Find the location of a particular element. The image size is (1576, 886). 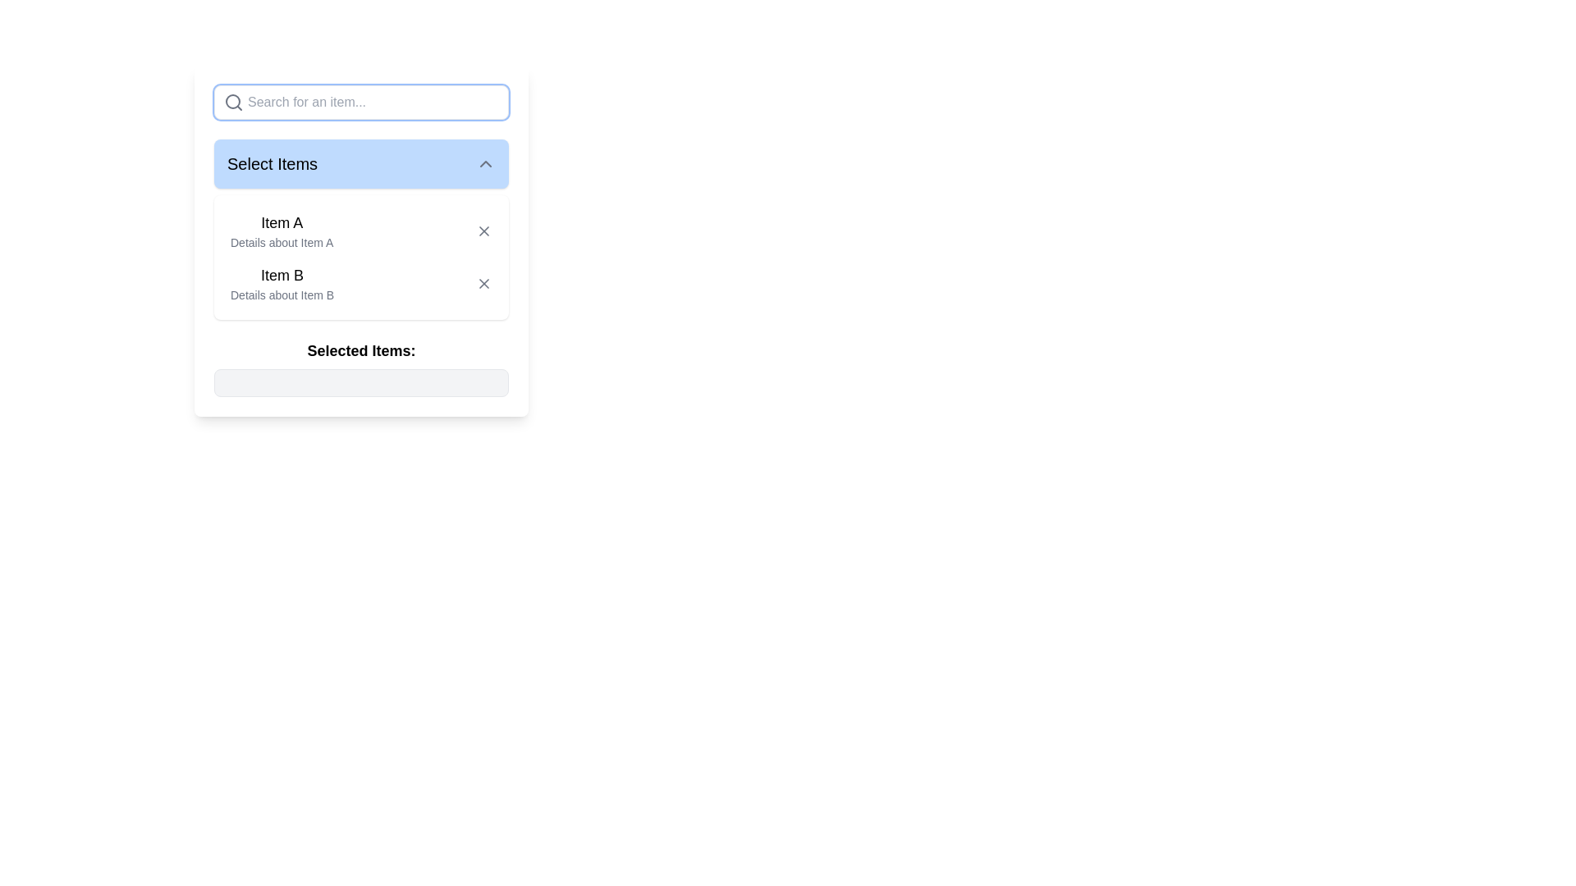

the dropdown list item labeled 'Item A' is located at coordinates (360, 257).